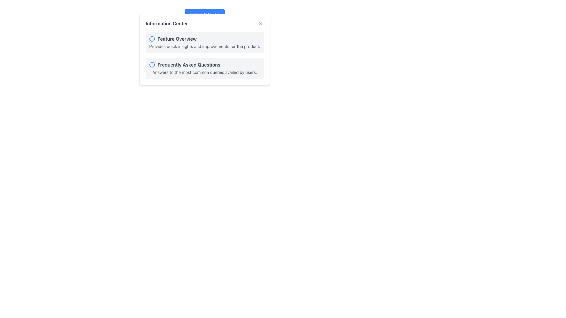 This screenshot has width=566, height=318. Describe the element at coordinates (166, 23) in the screenshot. I see `the text header labeled 'Information Center' which is styled in a strong bold font and positioned at the top-left corner of the modal` at that location.